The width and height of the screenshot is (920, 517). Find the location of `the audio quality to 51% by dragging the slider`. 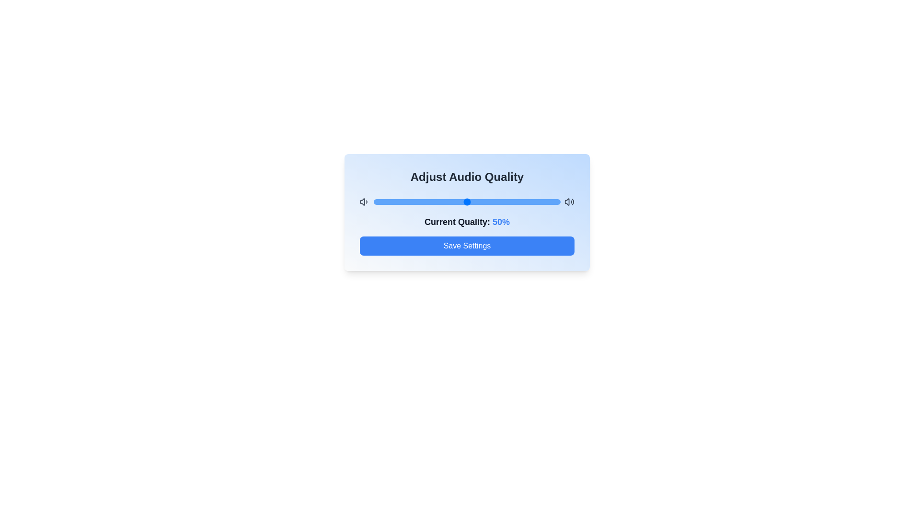

the audio quality to 51% by dragging the slider is located at coordinates (469, 201).